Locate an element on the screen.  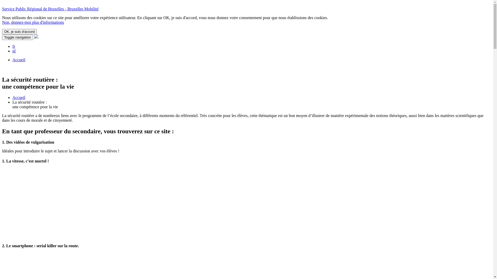
'OK, je suis d'accord' is located at coordinates (19, 32).